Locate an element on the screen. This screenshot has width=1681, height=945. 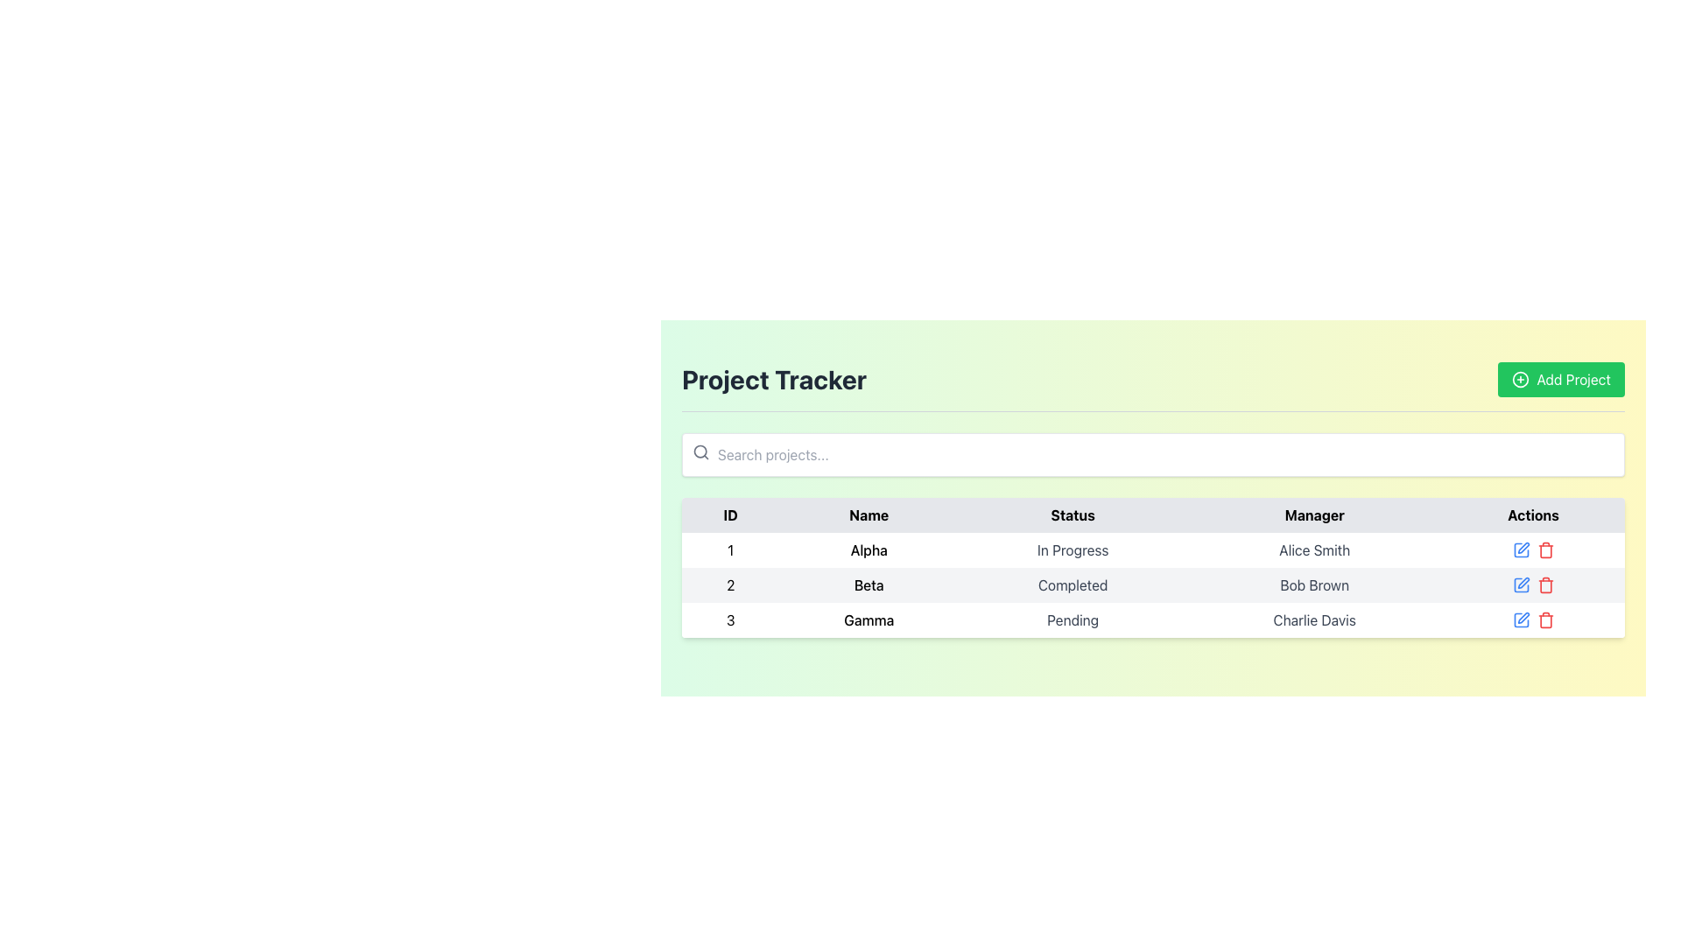
the Text Display element containing the number '2' located in the second row under the 'ID' column of the table is located at coordinates (730, 584).